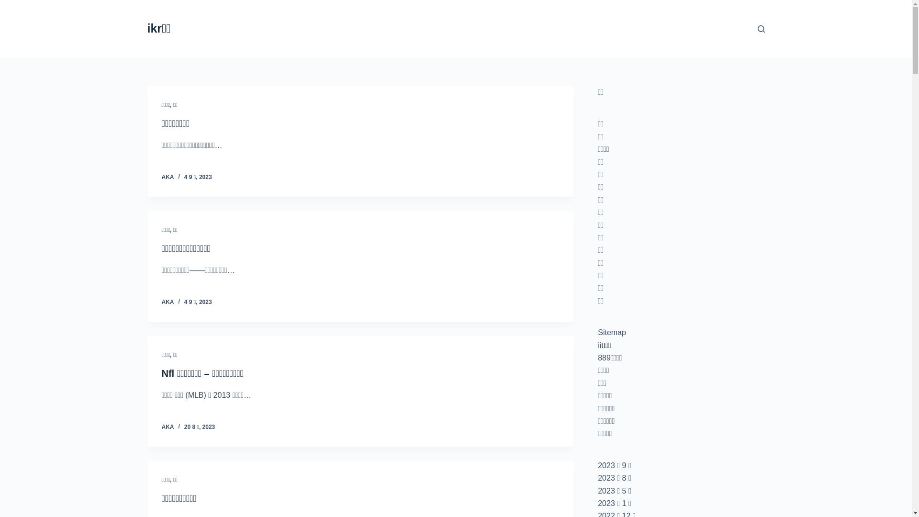 This screenshot has width=919, height=517. I want to click on 'AKA', so click(161, 302).